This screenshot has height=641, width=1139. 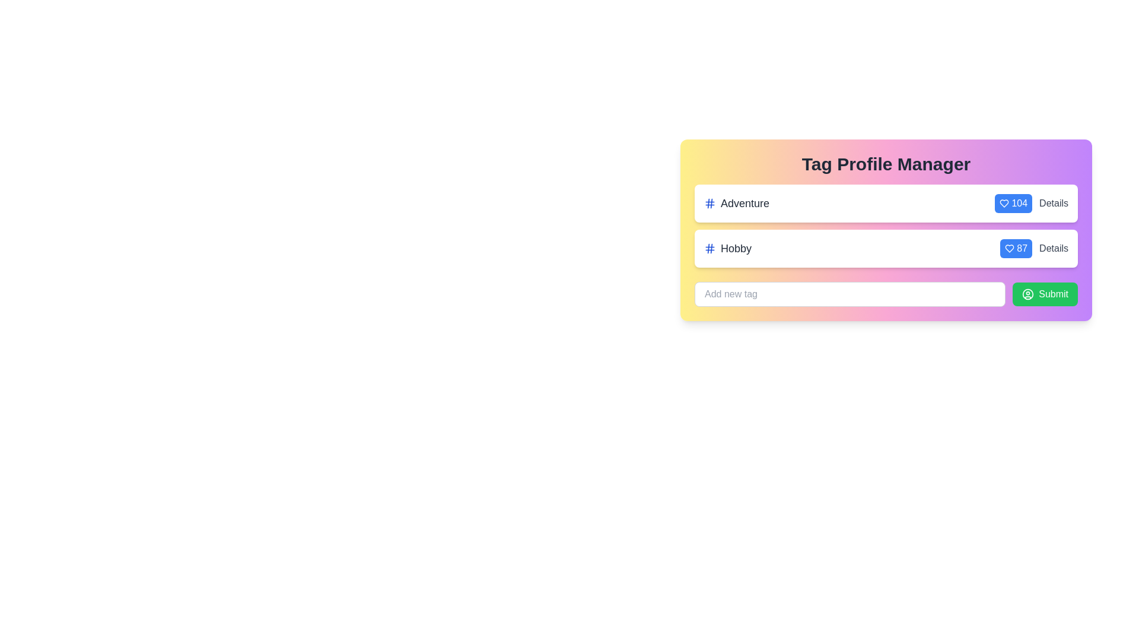 What do you see at coordinates (1016, 248) in the screenshot?
I see `the heart button representing likes or favorites, located next to the 'Hobby' label` at bounding box center [1016, 248].